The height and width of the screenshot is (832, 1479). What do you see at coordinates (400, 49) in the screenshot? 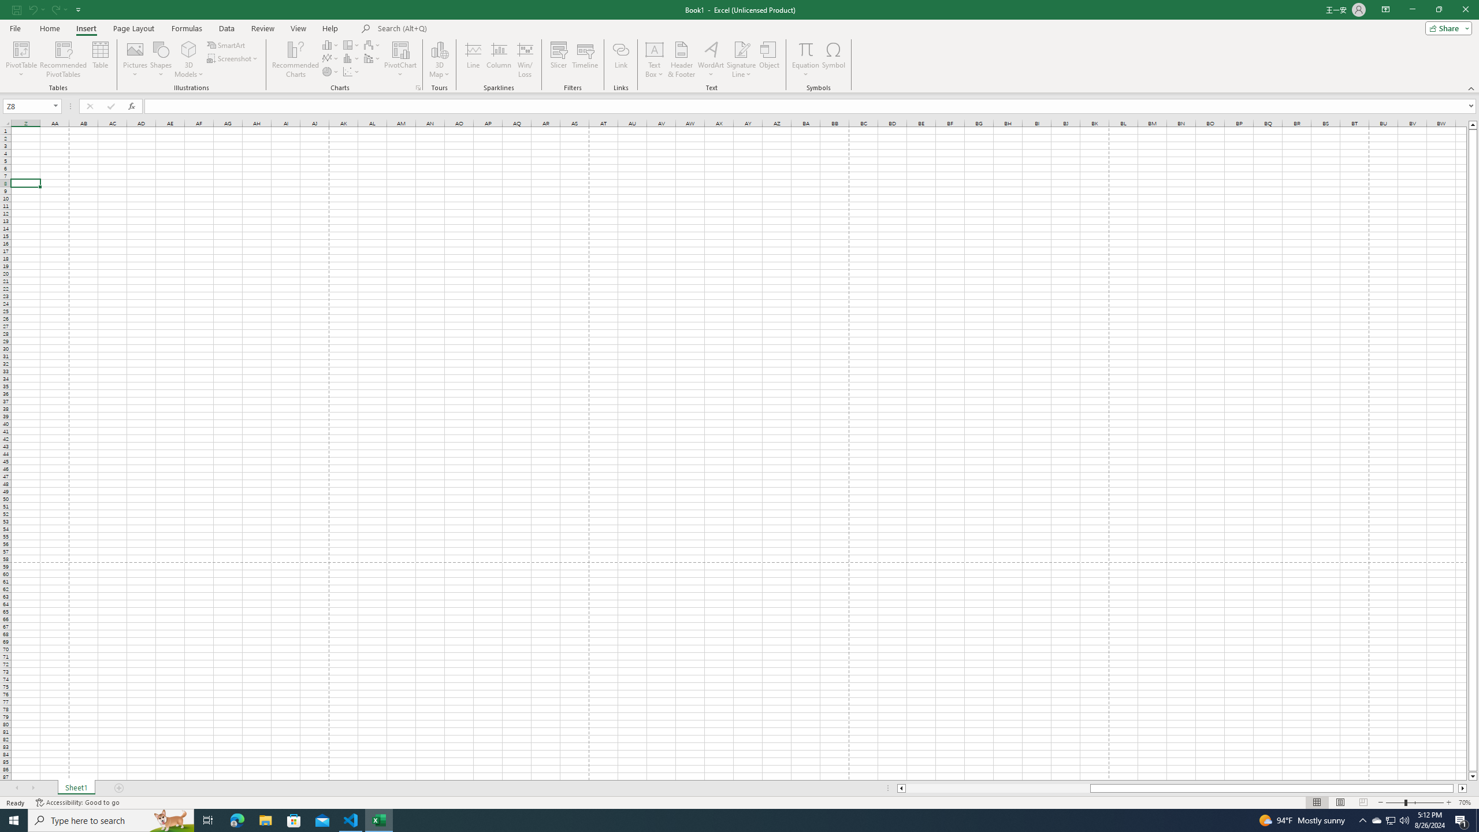
I see `'PivotChart'` at bounding box center [400, 49].